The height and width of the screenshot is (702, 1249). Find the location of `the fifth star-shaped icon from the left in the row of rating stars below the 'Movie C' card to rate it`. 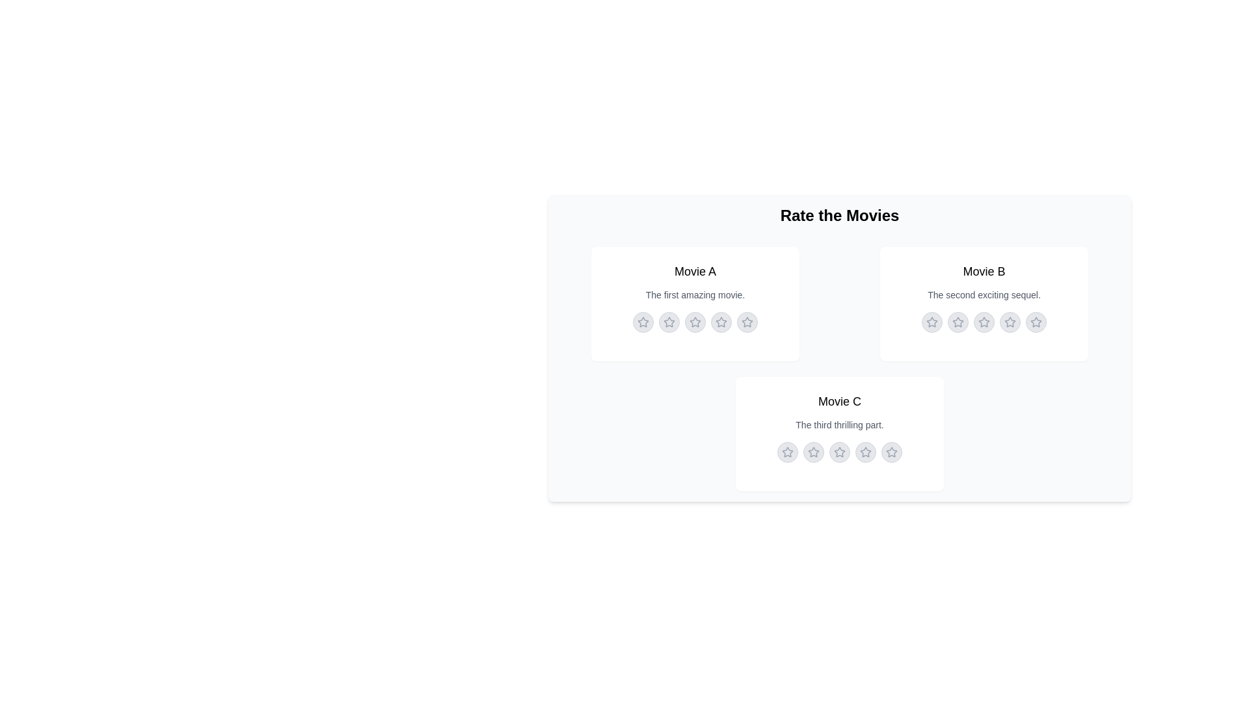

the fifth star-shaped icon from the left in the row of rating stars below the 'Movie C' card to rate it is located at coordinates (891, 451).